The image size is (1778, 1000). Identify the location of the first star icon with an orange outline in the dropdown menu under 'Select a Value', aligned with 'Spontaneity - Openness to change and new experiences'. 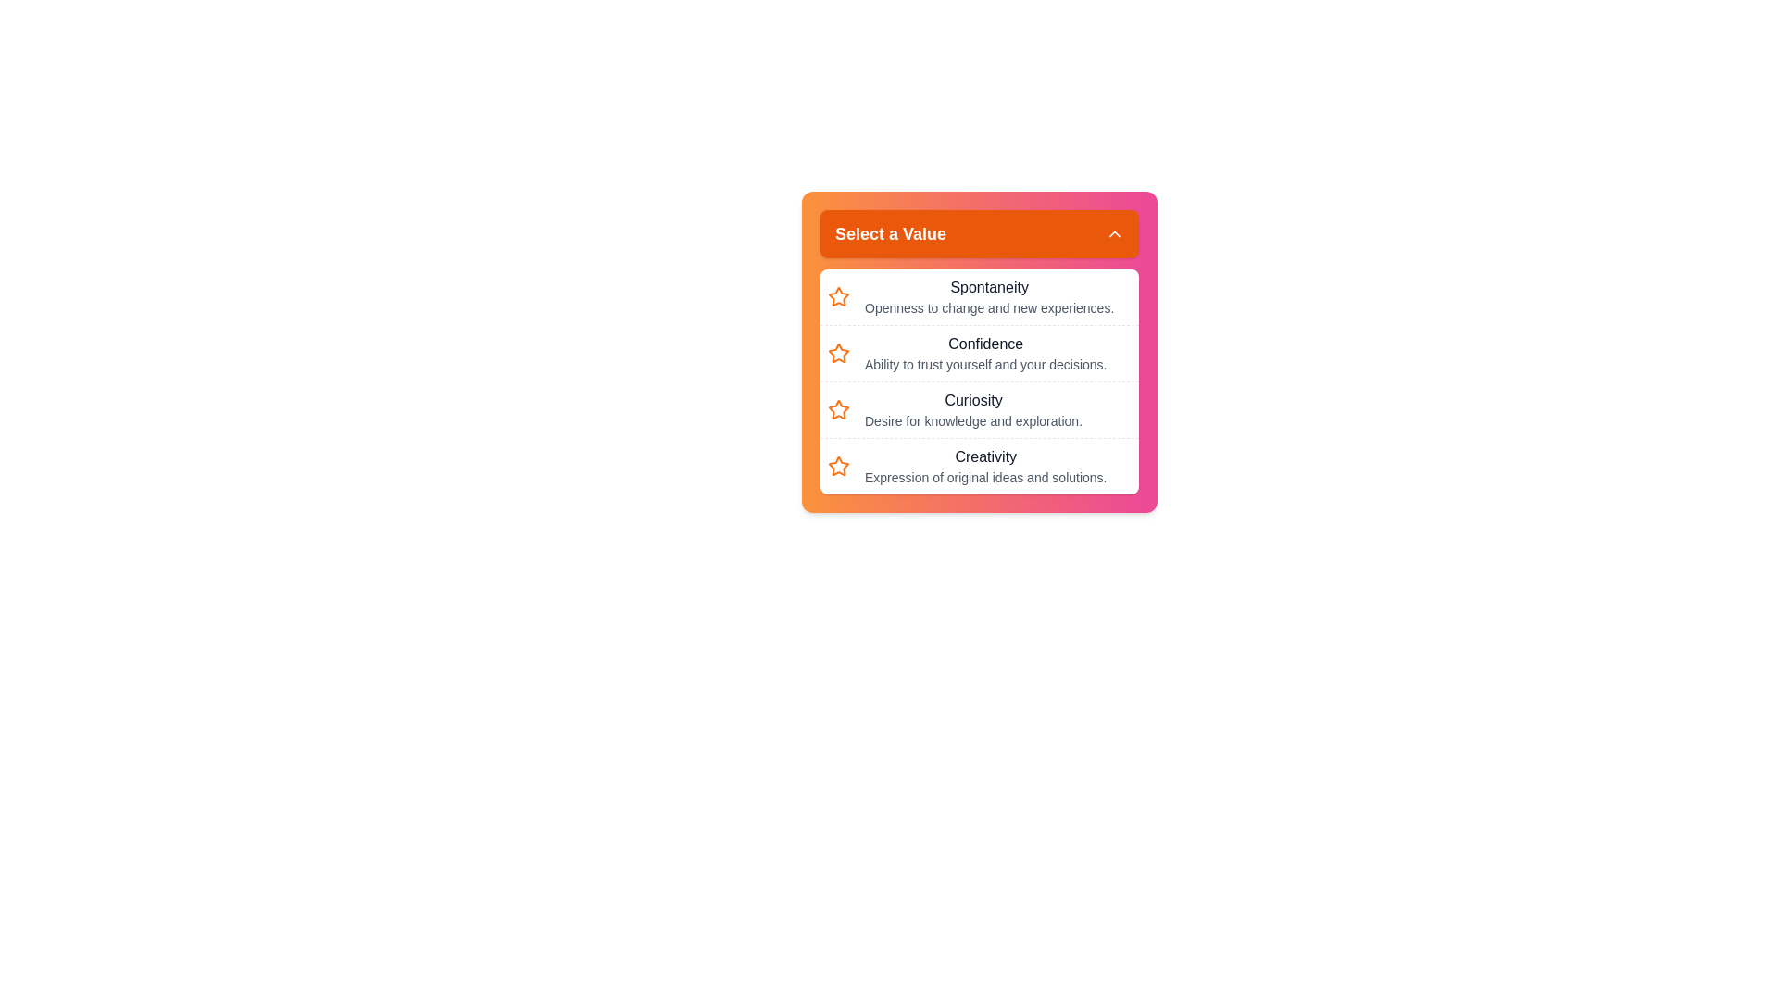
(838, 295).